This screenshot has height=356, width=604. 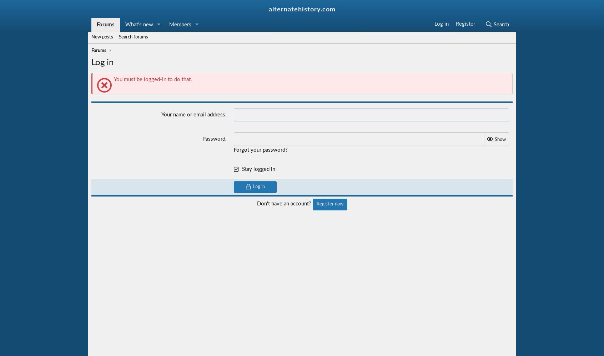 I want to click on 'Forgot your password?', so click(x=260, y=150).